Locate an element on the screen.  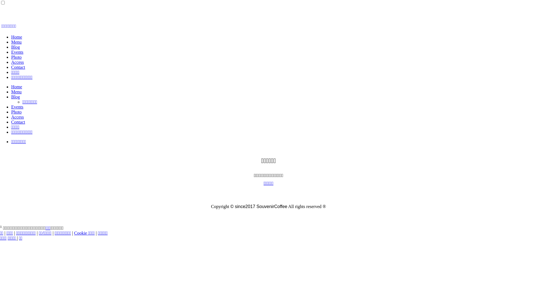
'Home' is located at coordinates (17, 87).